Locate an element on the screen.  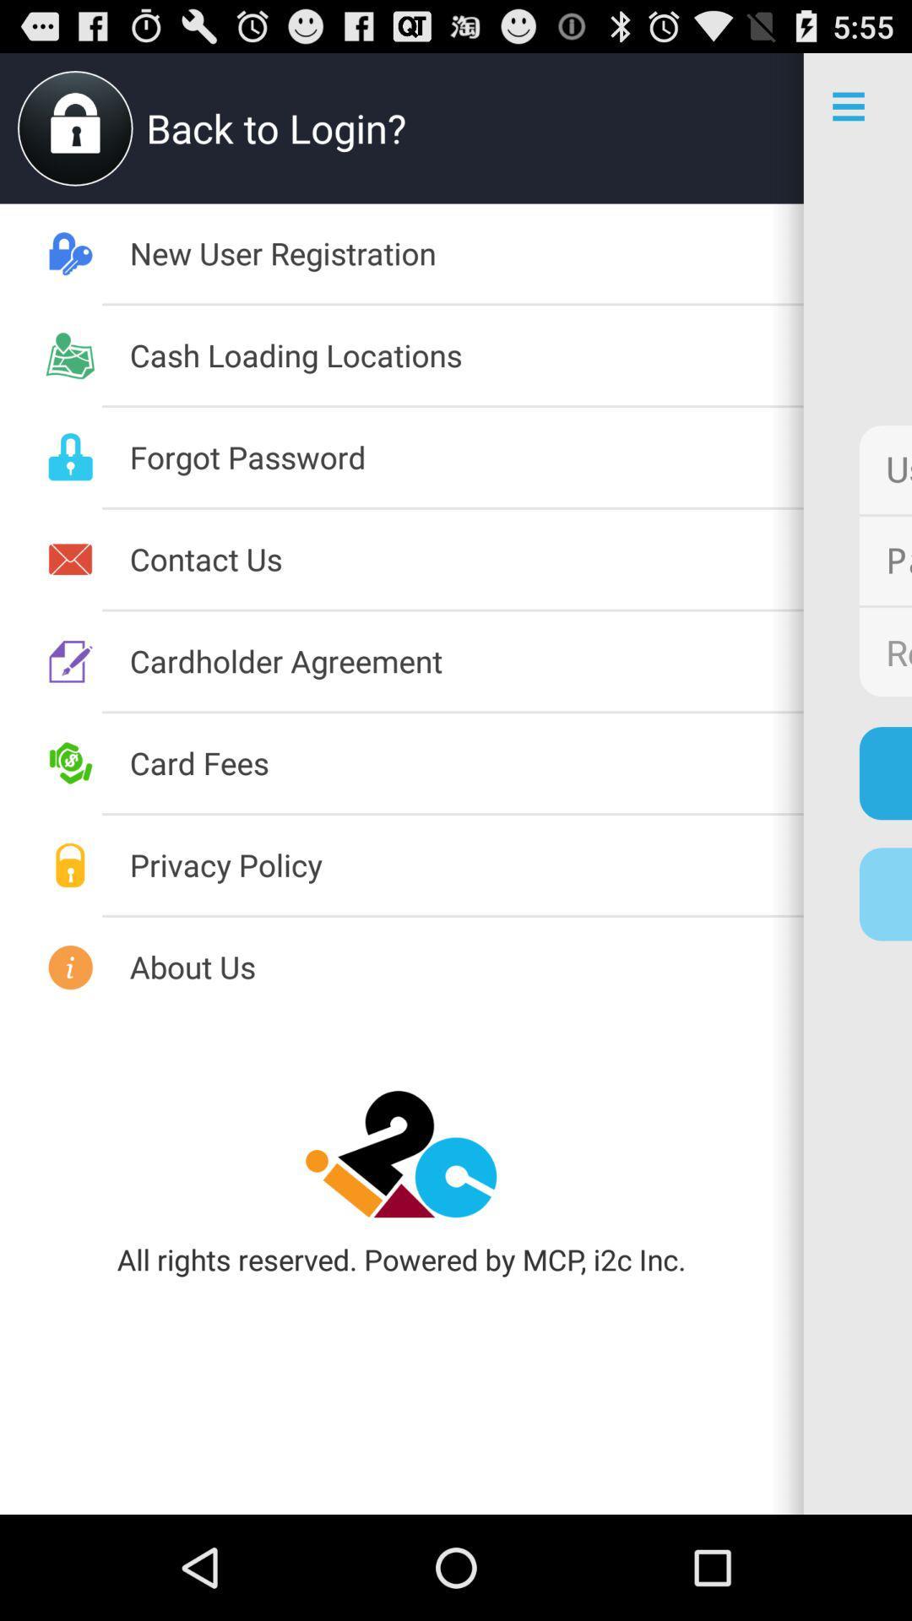
all rights reserved app is located at coordinates (401, 1259).